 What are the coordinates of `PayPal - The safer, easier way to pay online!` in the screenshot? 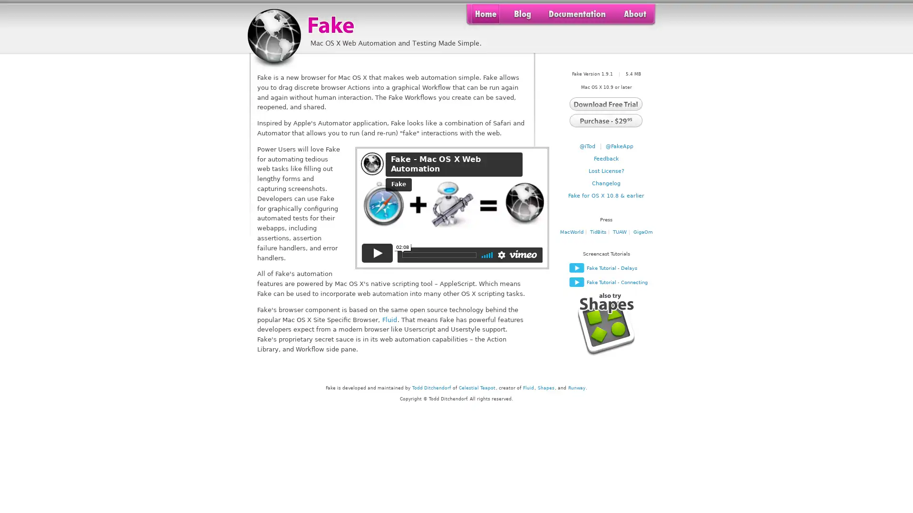 It's located at (605, 119).